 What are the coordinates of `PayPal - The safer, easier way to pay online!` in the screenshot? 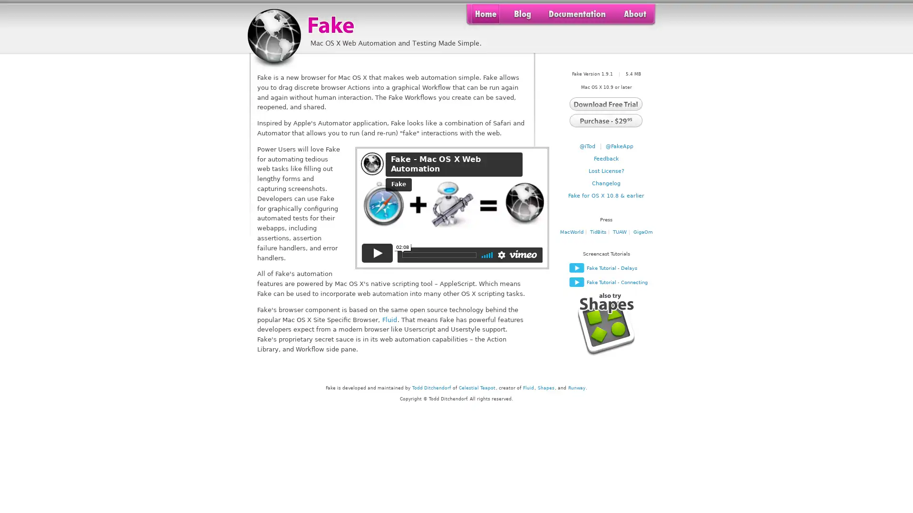 It's located at (605, 119).